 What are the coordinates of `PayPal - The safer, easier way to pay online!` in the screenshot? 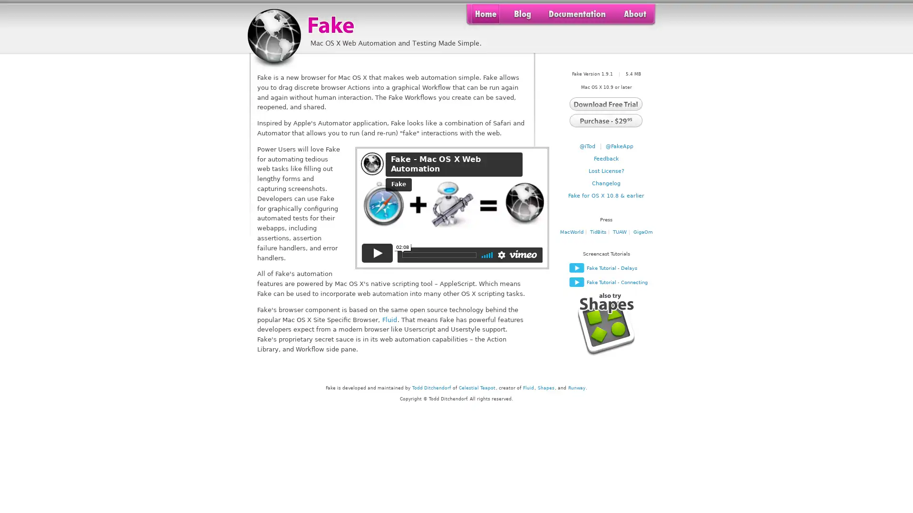 It's located at (605, 119).